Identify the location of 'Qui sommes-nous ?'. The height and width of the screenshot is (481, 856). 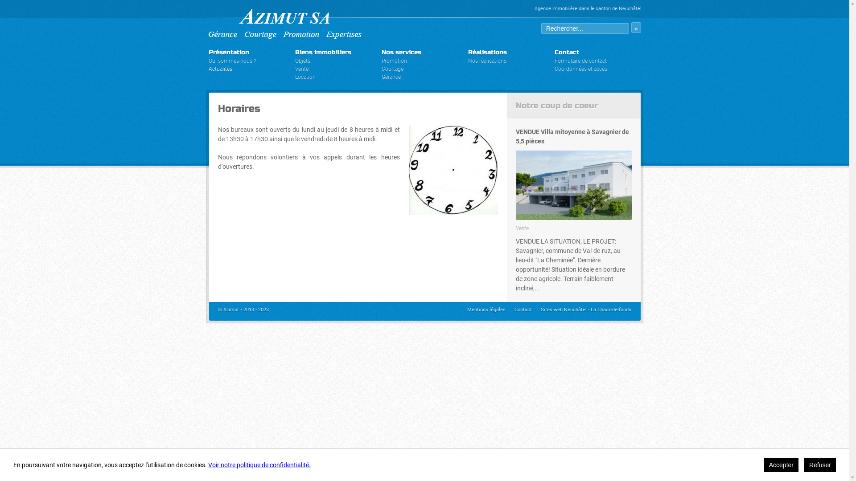
(232, 61).